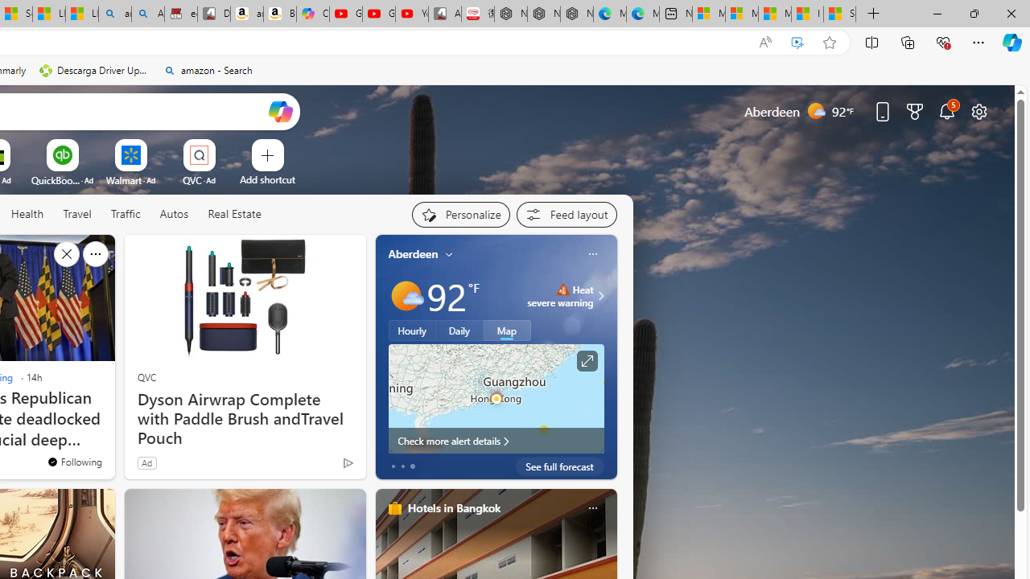 The image size is (1030, 579). Describe the element at coordinates (973, 13) in the screenshot. I see `'Restore'` at that location.